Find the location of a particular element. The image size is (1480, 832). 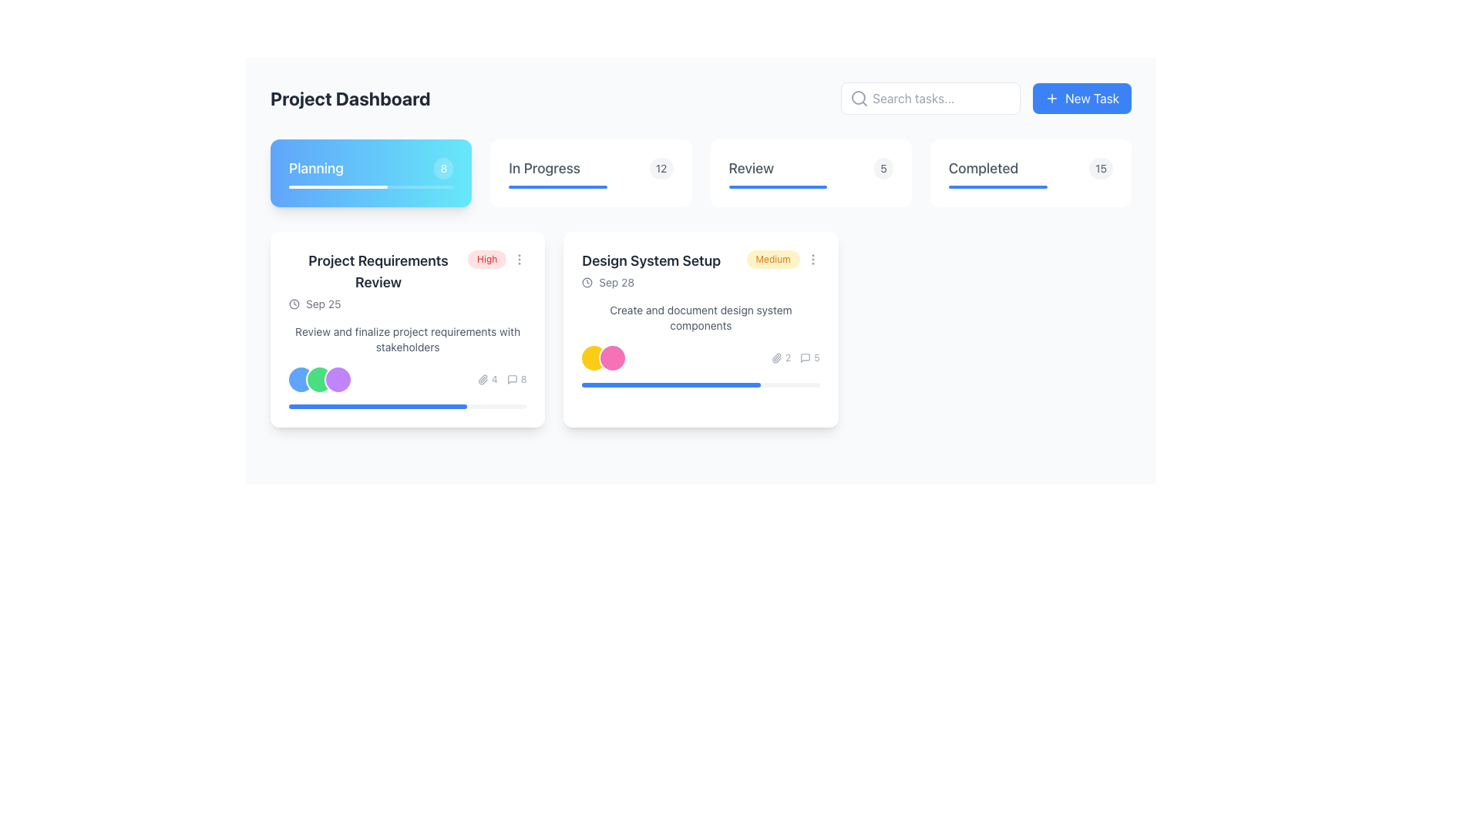

the circular avatar with a pink background and white ring, which is the second avatar in a row at the bottom of the 'Design System Setup' card is located at coordinates (612, 358).